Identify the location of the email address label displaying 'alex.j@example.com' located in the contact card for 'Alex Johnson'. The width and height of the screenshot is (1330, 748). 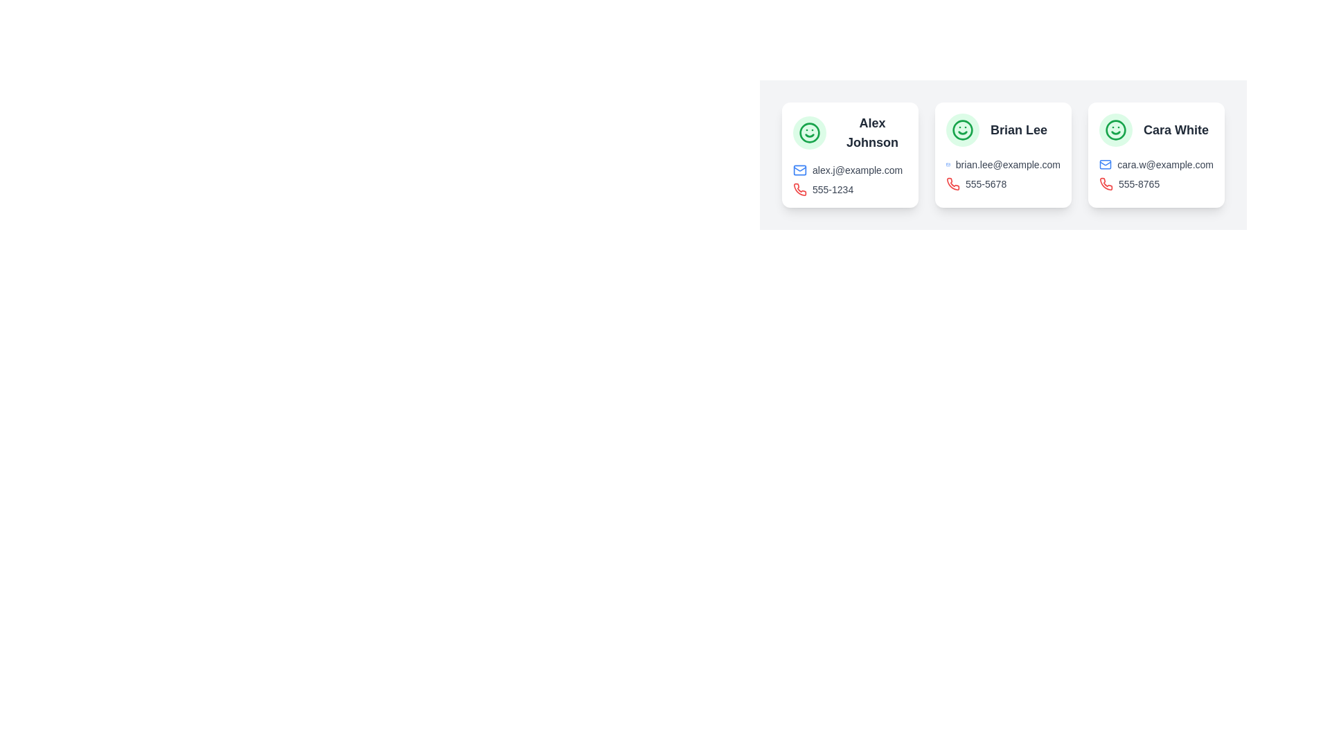
(857, 170).